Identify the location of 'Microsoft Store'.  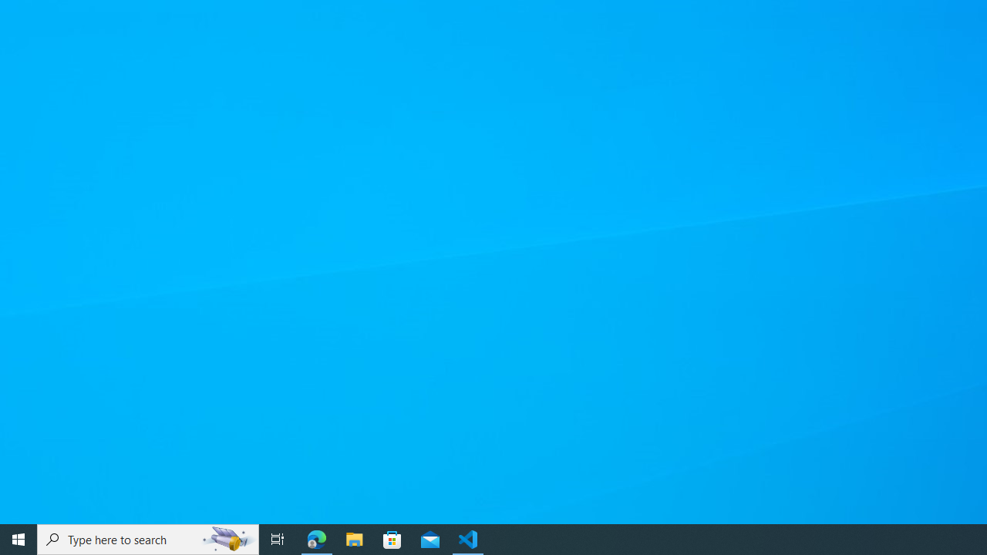
(392, 538).